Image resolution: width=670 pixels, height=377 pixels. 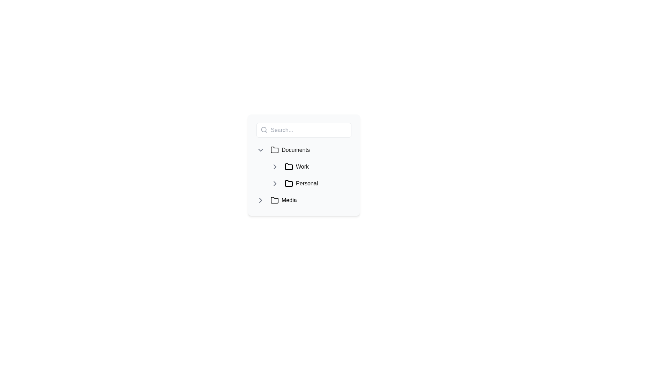 I want to click on the folder icon, which is part of the 'Media' expandable list menu, so click(x=274, y=200).